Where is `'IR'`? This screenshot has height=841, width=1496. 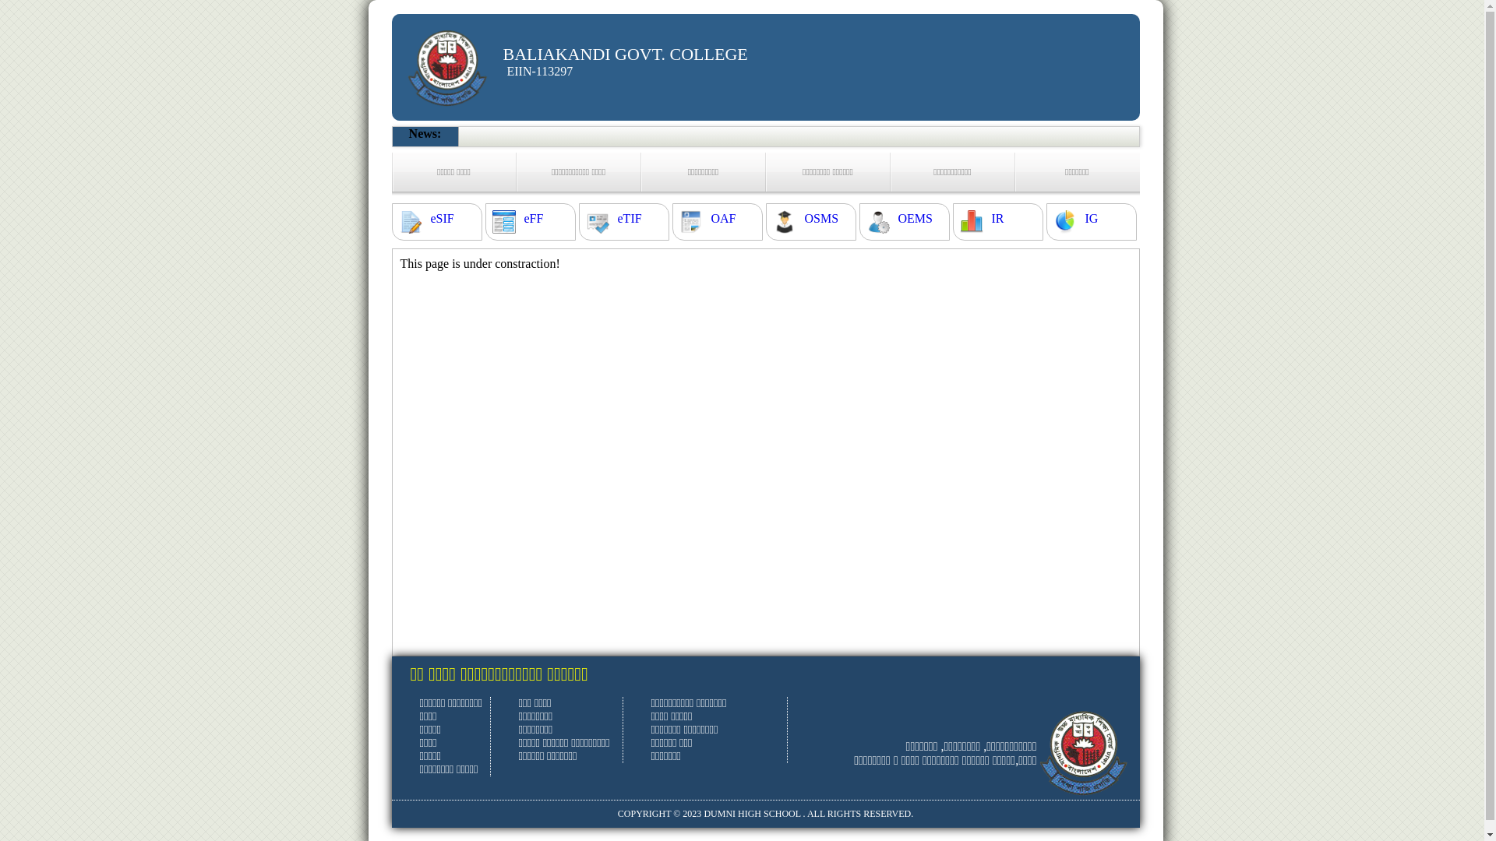
'IR' is located at coordinates (997, 219).